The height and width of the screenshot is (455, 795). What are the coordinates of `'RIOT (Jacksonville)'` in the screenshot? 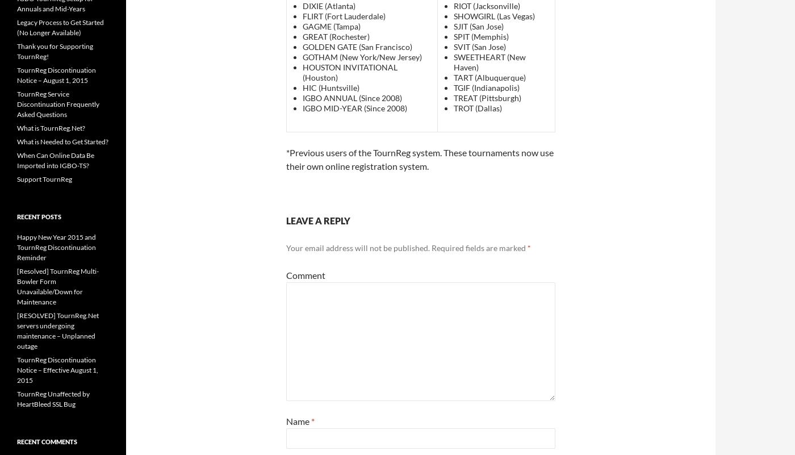 It's located at (486, 6).